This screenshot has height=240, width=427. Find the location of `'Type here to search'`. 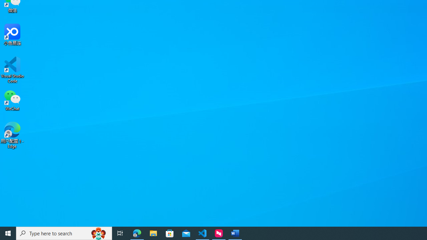

'Type here to search' is located at coordinates (64, 233).